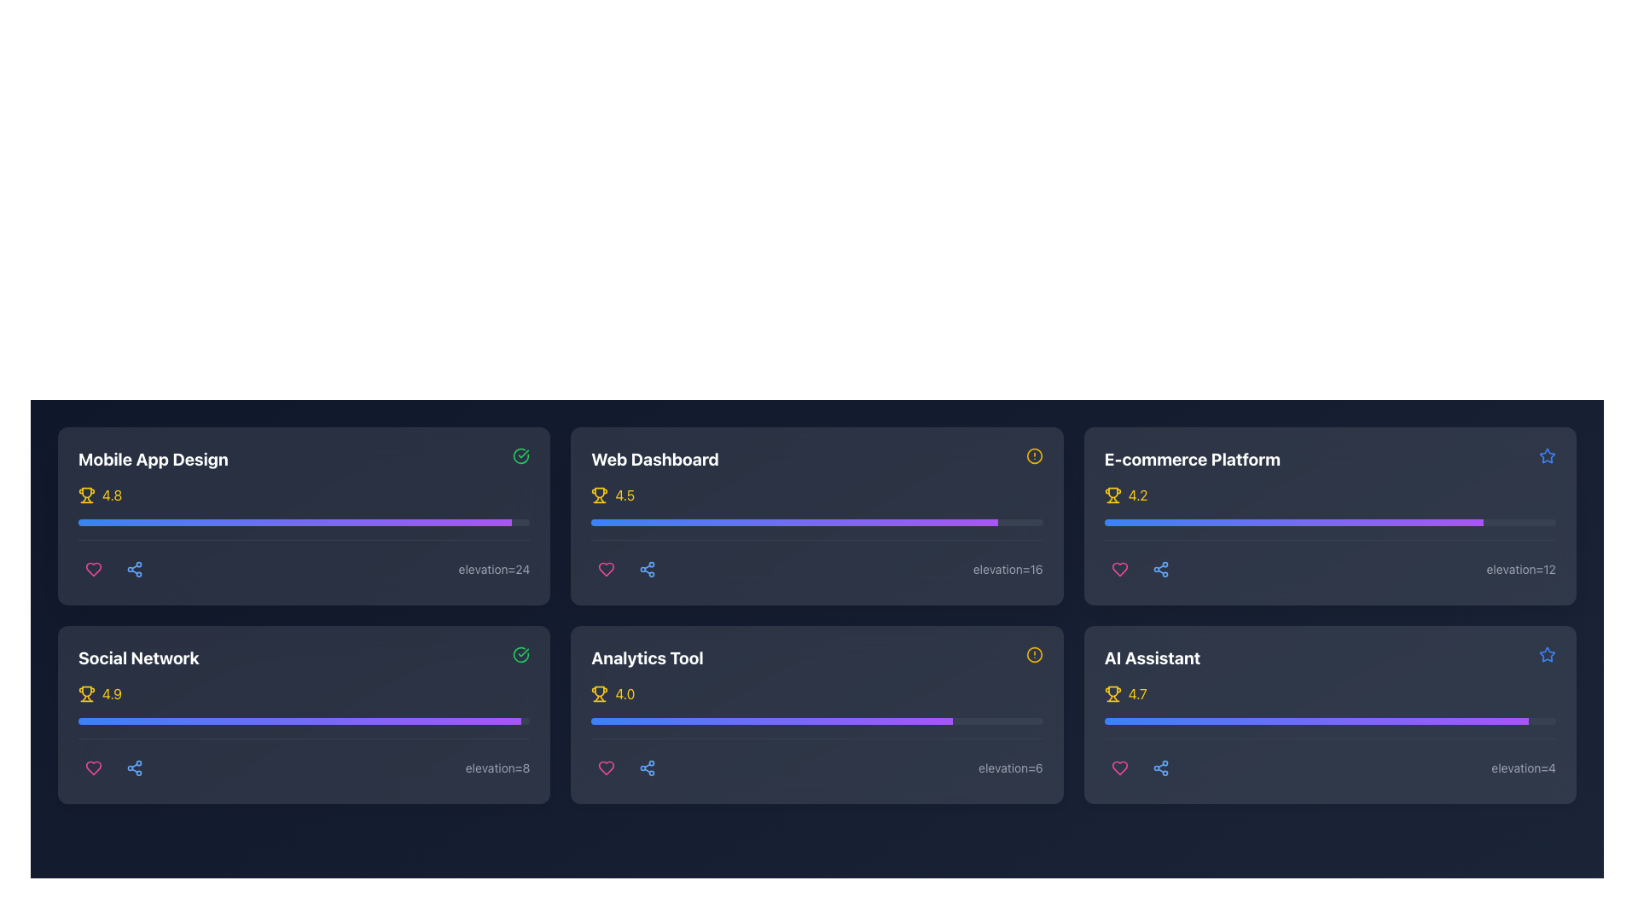 This screenshot has height=921, width=1638. What do you see at coordinates (1119, 569) in the screenshot?
I see `the heart icon button with a pink outline, which is used for 'like' or 'favorite' interactions, located beneath the rating score of 4.2 and to the left of the share icon` at bounding box center [1119, 569].